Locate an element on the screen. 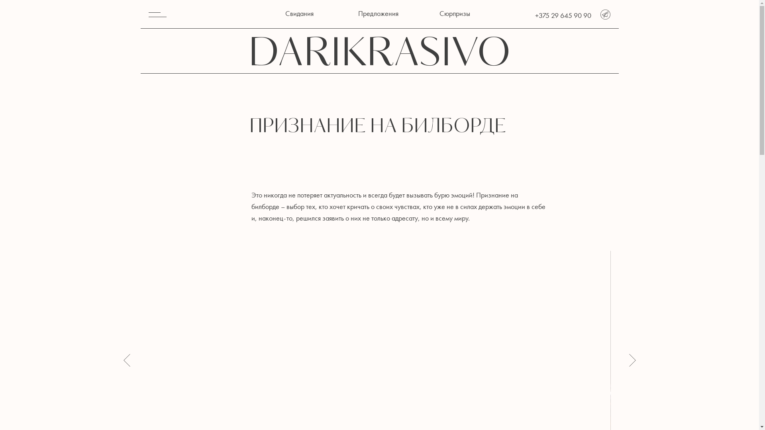  '+375 29 645 90 90' is located at coordinates (562, 15).